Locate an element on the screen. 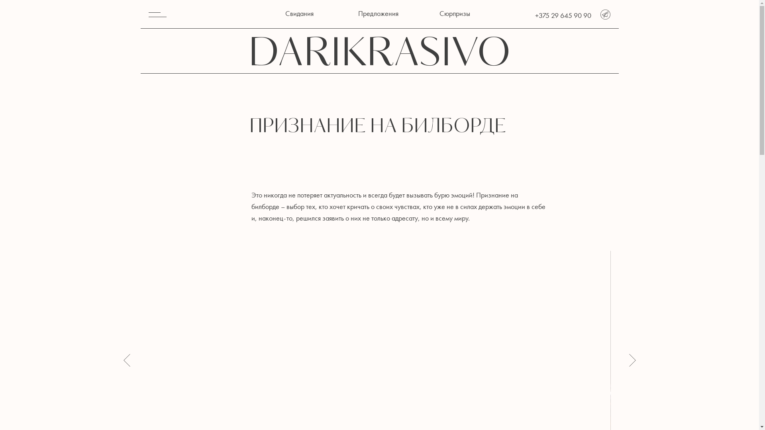  '+375 29 645 90 90' is located at coordinates (562, 15).